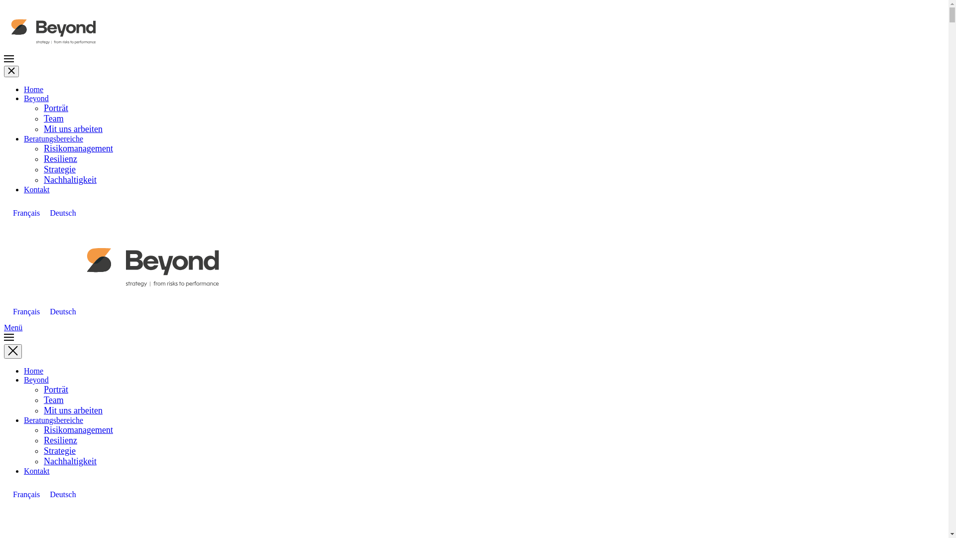 This screenshot has height=538, width=956. I want to click on 'Beyond', so click(24, 98).